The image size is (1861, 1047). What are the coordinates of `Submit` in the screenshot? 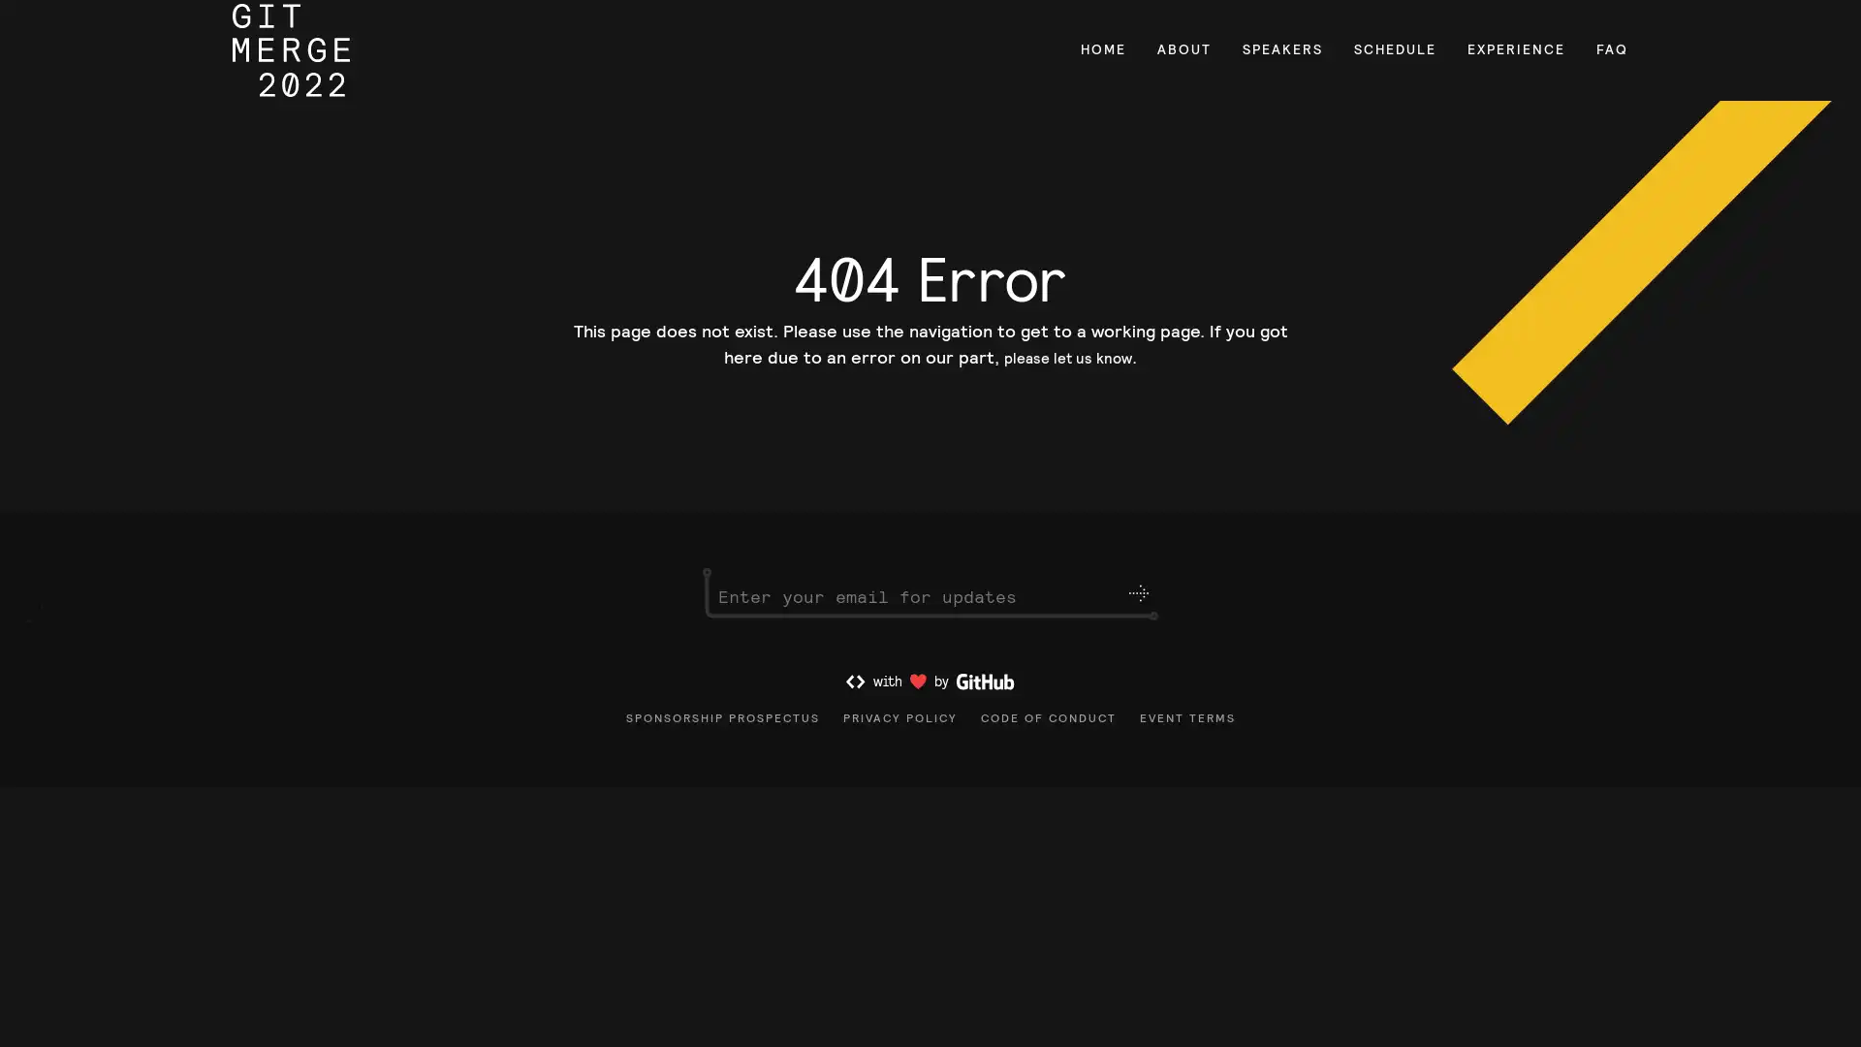 It's located at (1138, 620).